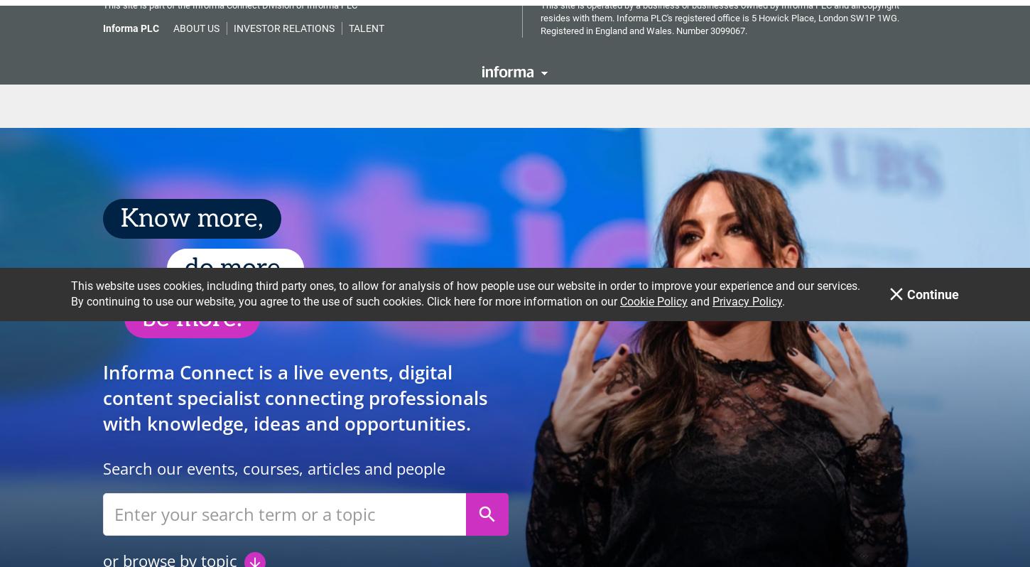  Describe the element at coordinates (295, 391) in the screenshot. I see `'Informa Connect is a live events, digital content specialist connecting professionals with knowledge, ideas and opportunities.'` at that location.